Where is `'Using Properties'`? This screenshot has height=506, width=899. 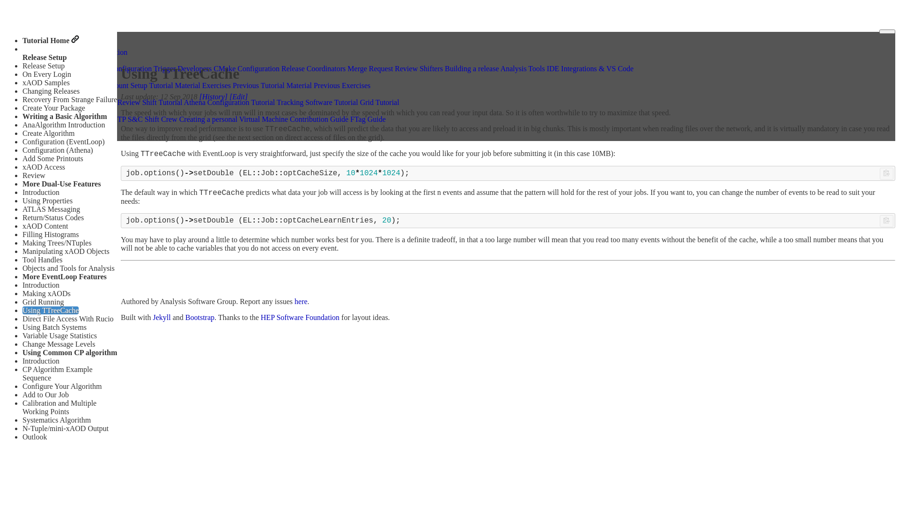 'Using Properties' is located at coordinates (47, 200).